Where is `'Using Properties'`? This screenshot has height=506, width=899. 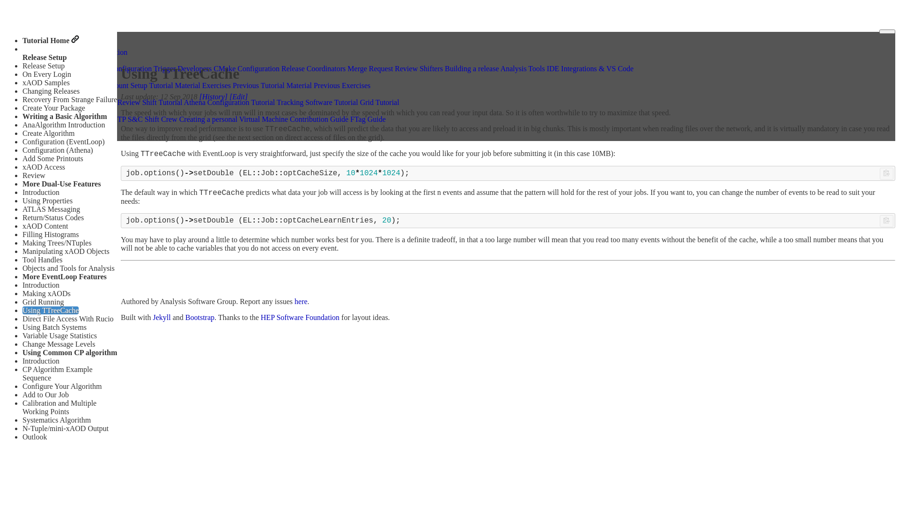 'Using Properties' is located at coordinates (47, 200).